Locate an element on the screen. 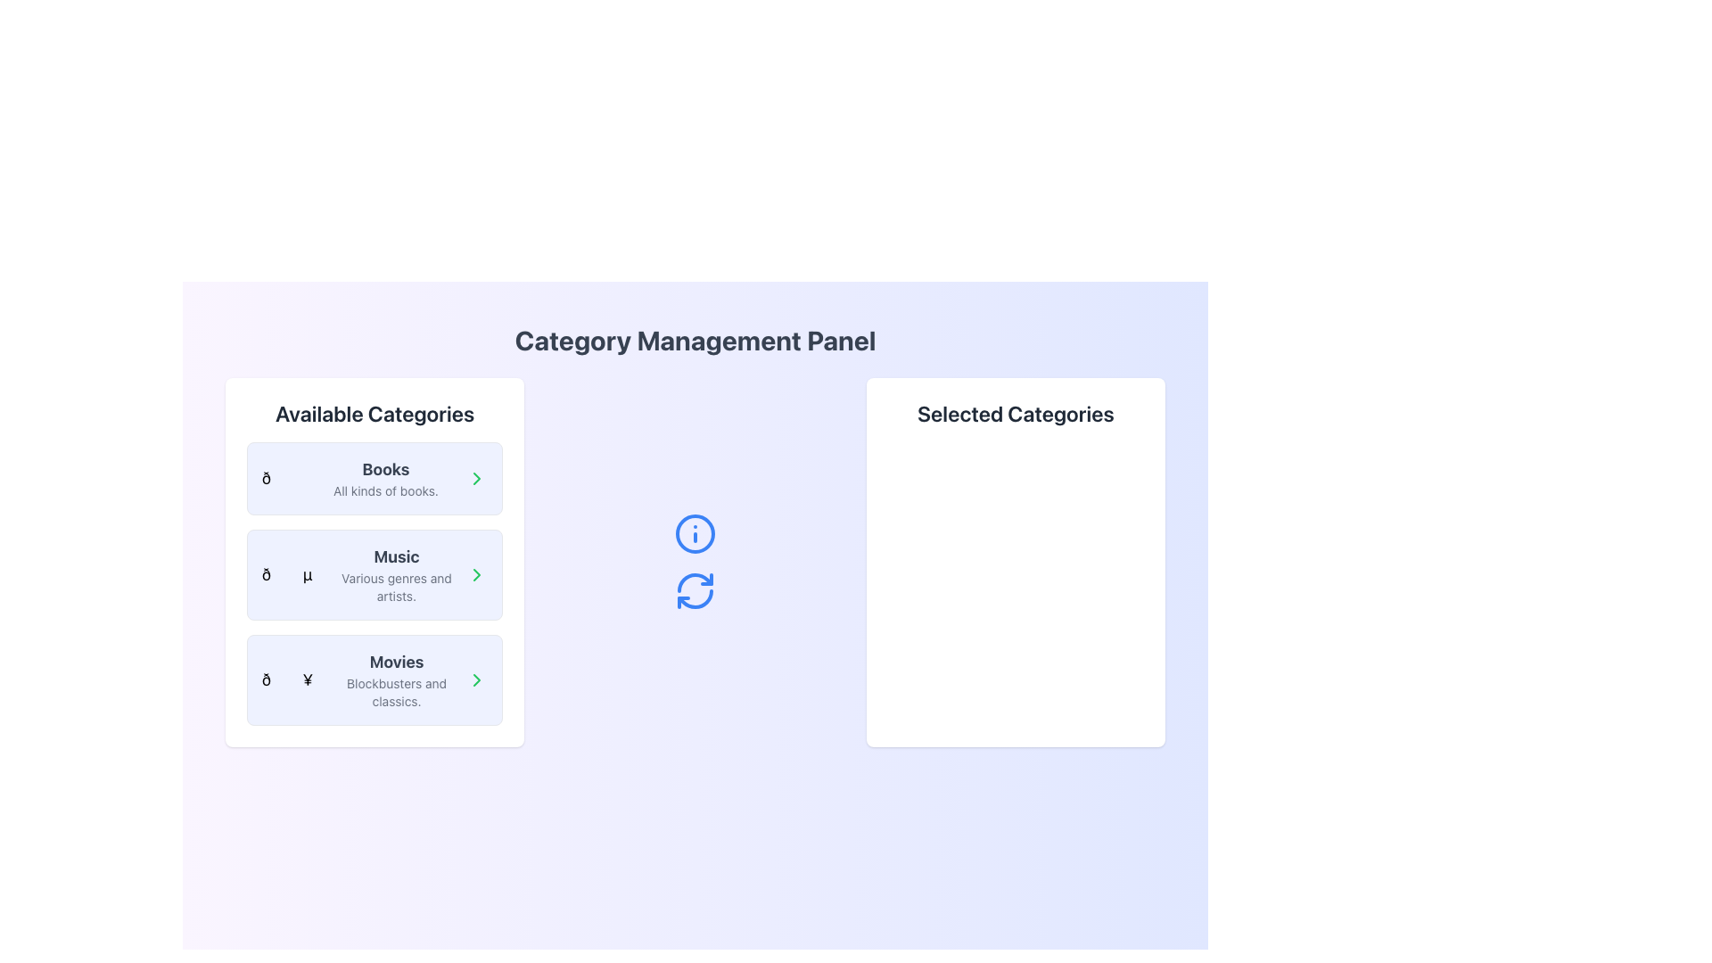  the List Item that features the text 'Movies' with a subtitle 'Blockbusters and classics.' in the 'Available Categories' section is located at coordinates (363, 680).